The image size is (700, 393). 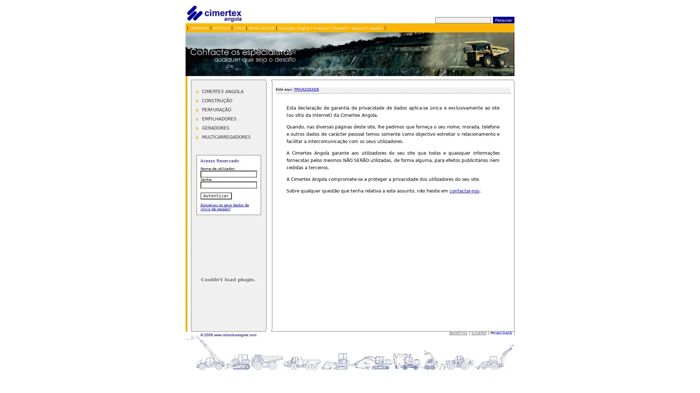 I want to click on Pesquisar, so click(x=503, y=19).